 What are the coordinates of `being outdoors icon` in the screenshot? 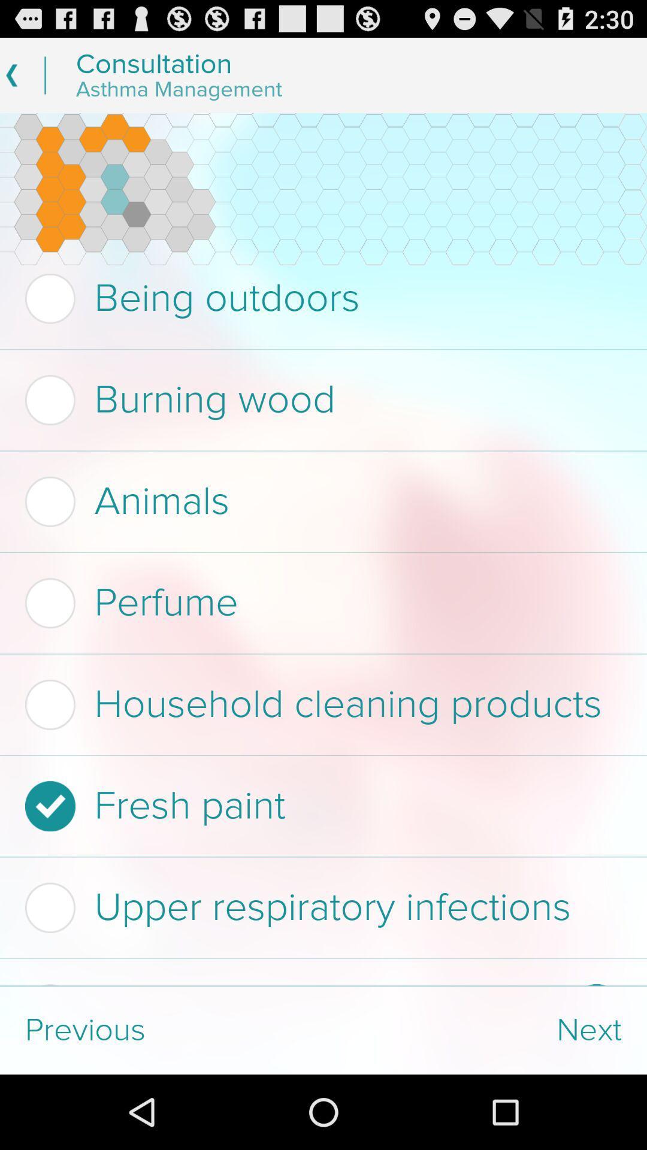 It's located at (319, 298).